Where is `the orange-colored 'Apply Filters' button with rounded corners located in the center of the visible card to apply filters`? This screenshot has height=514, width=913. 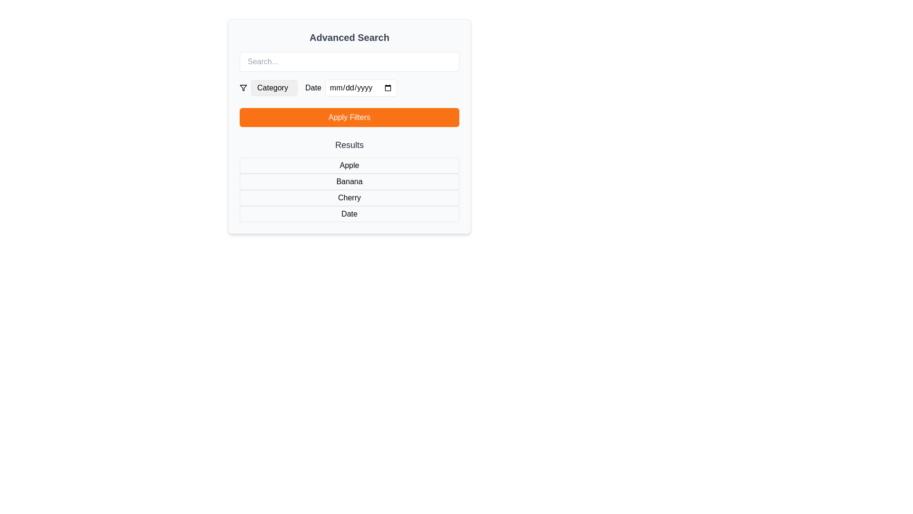 the orange-colored 'Apply Filters' button with rounded corners located in the center of the visible card to apply filters is located at coordinates (349, 126).